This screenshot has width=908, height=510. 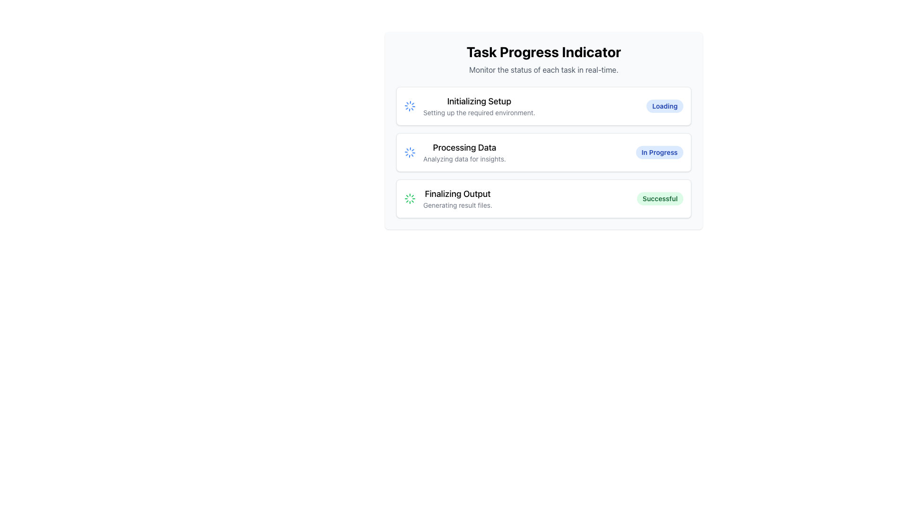 What do you see at coordinates (410, 106) in the screenshot?
I see `the circular blue loading spinner icon located to the left of the 'Initializing Setup' text label` at bounding box center [410, 106].